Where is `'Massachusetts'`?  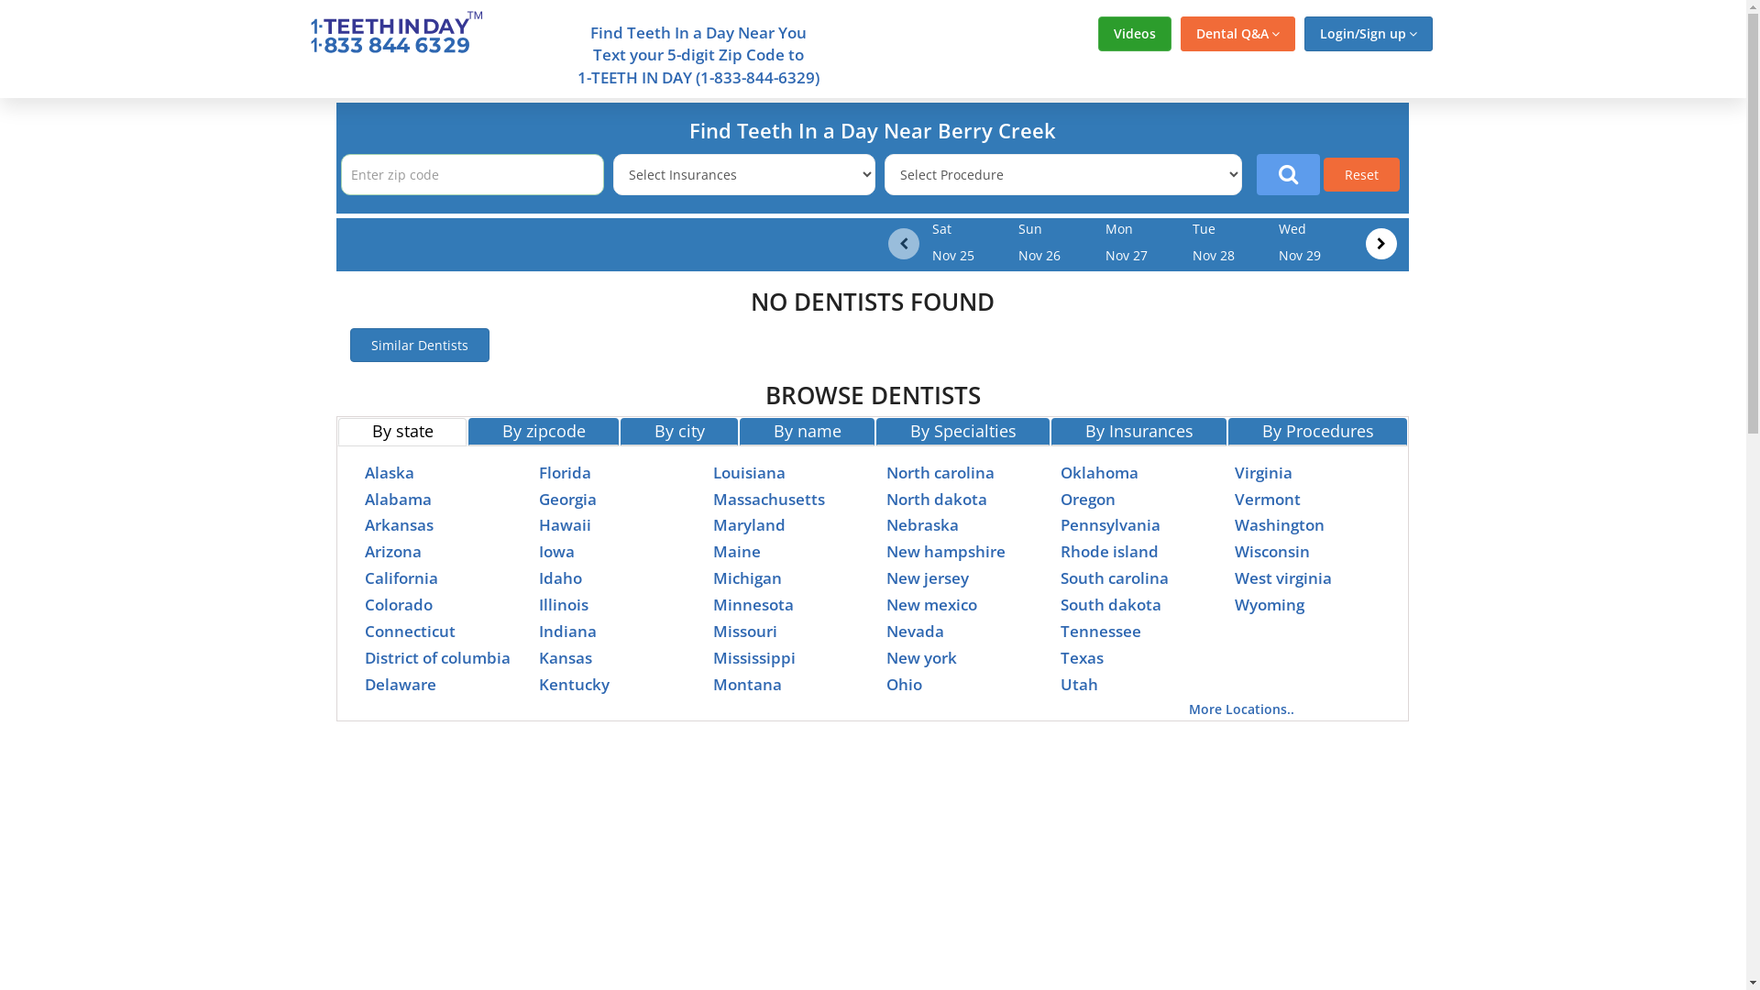 'Massachusetts' is located at coordinates (769, 499).